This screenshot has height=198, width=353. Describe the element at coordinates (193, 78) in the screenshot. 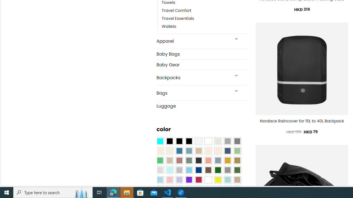

I see `'Backpacks'` at that location.